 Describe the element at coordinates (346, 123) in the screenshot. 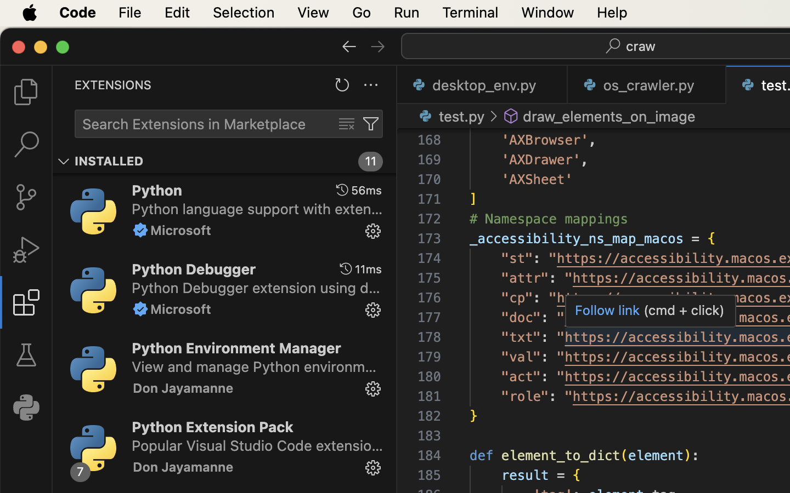

I see `''` at that location.